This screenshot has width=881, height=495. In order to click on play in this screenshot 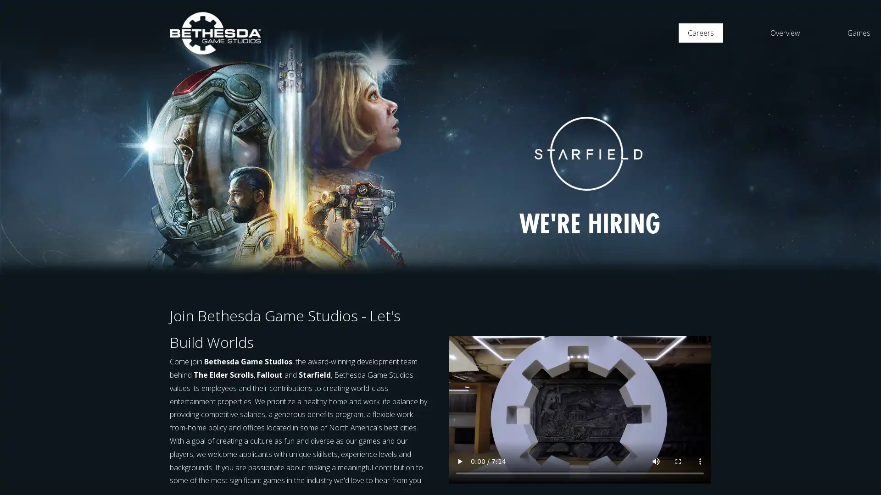, I will do `click(460, 461)`.